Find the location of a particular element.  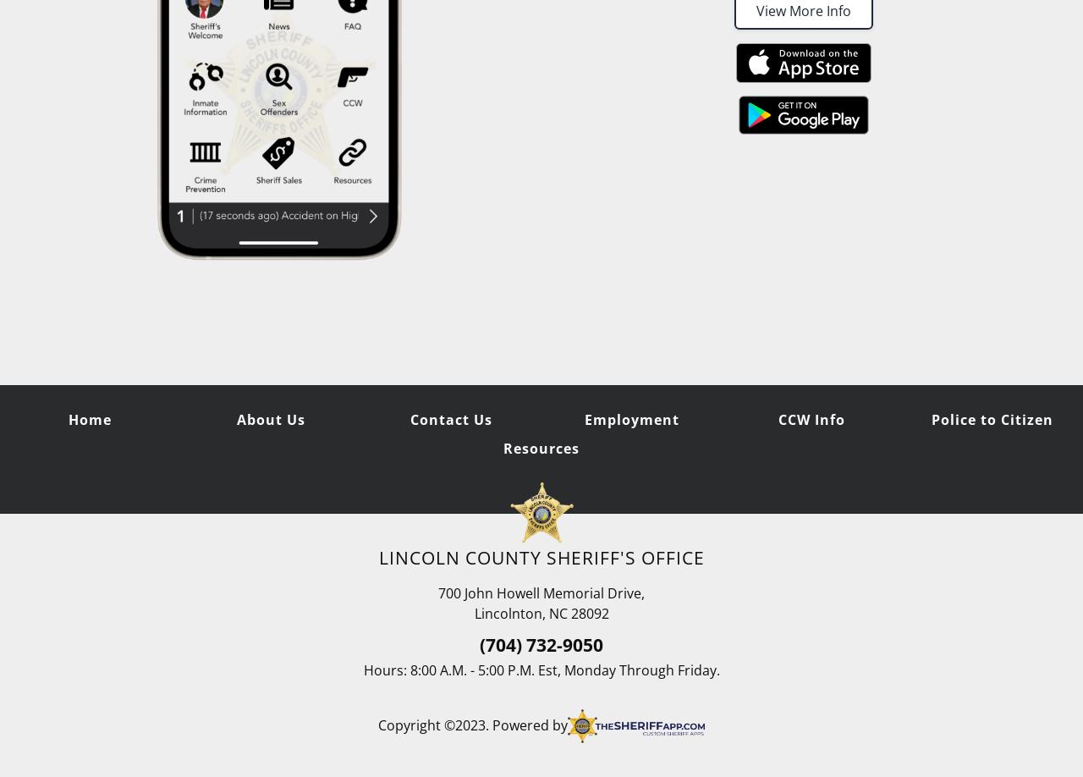

'Contact Us' is located at coordinates (450, 419).